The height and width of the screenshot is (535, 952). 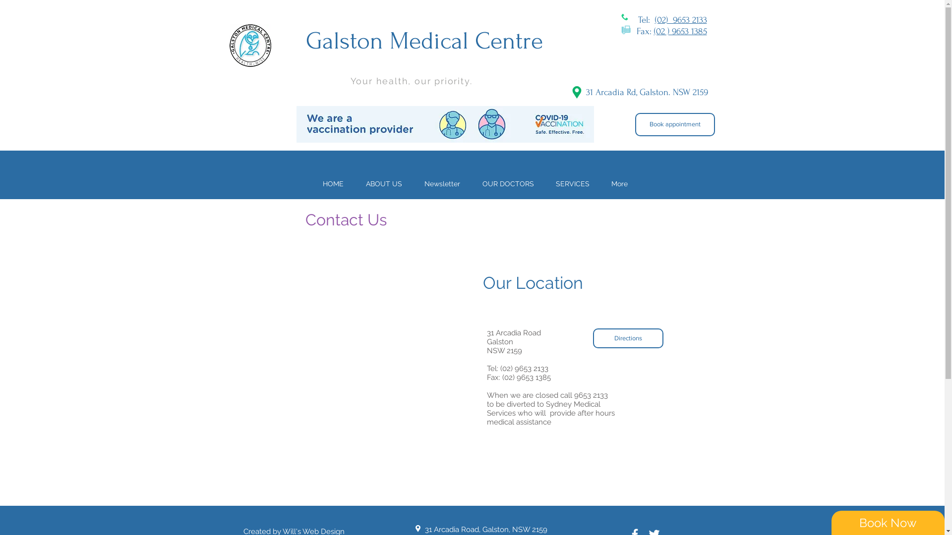 I want to click on 'Newsletter', so click(x=442, y=183).